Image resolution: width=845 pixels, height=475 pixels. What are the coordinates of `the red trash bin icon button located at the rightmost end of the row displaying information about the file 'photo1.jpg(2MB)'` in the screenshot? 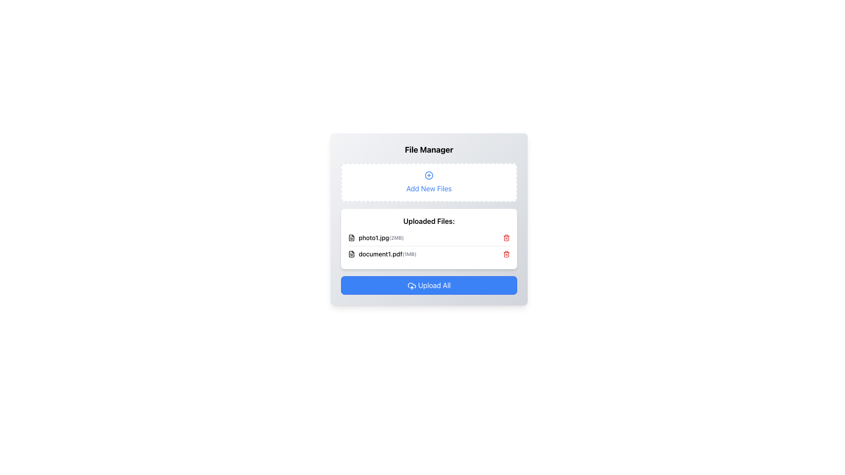 It's located at (507, 237).